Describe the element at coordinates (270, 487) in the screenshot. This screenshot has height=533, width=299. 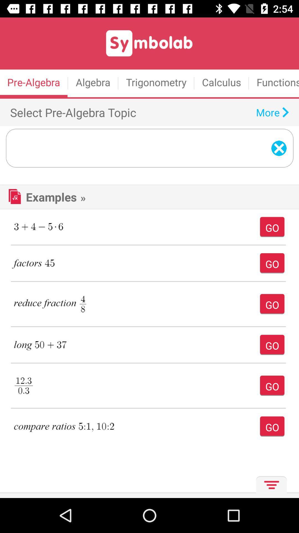
I see `the more icon` at that location.